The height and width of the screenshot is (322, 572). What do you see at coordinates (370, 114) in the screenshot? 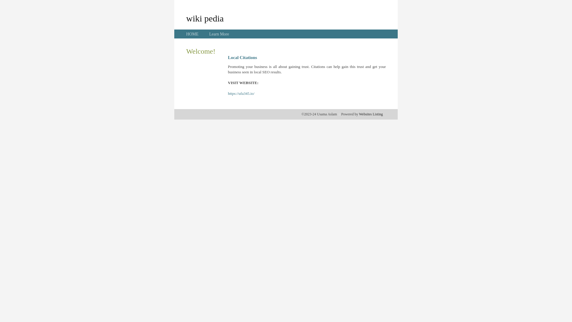
I see `'Websites Listing'` at bounding box center [370, 114].